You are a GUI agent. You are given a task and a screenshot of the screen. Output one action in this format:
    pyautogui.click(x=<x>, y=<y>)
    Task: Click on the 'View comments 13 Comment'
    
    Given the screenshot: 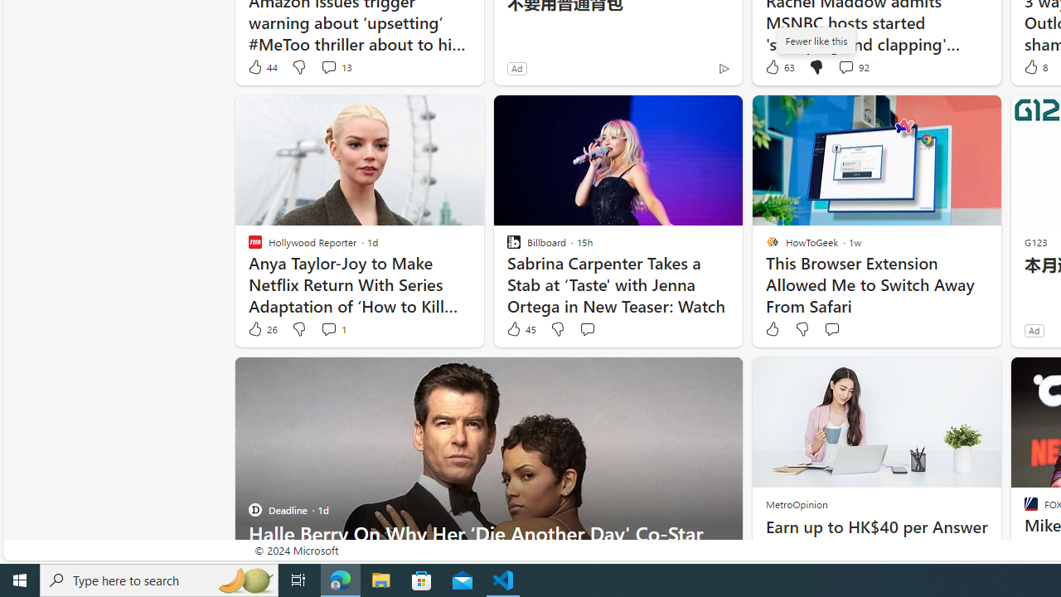 What is the action you would take?
    pyautogui.click(x=335, y=66)
    